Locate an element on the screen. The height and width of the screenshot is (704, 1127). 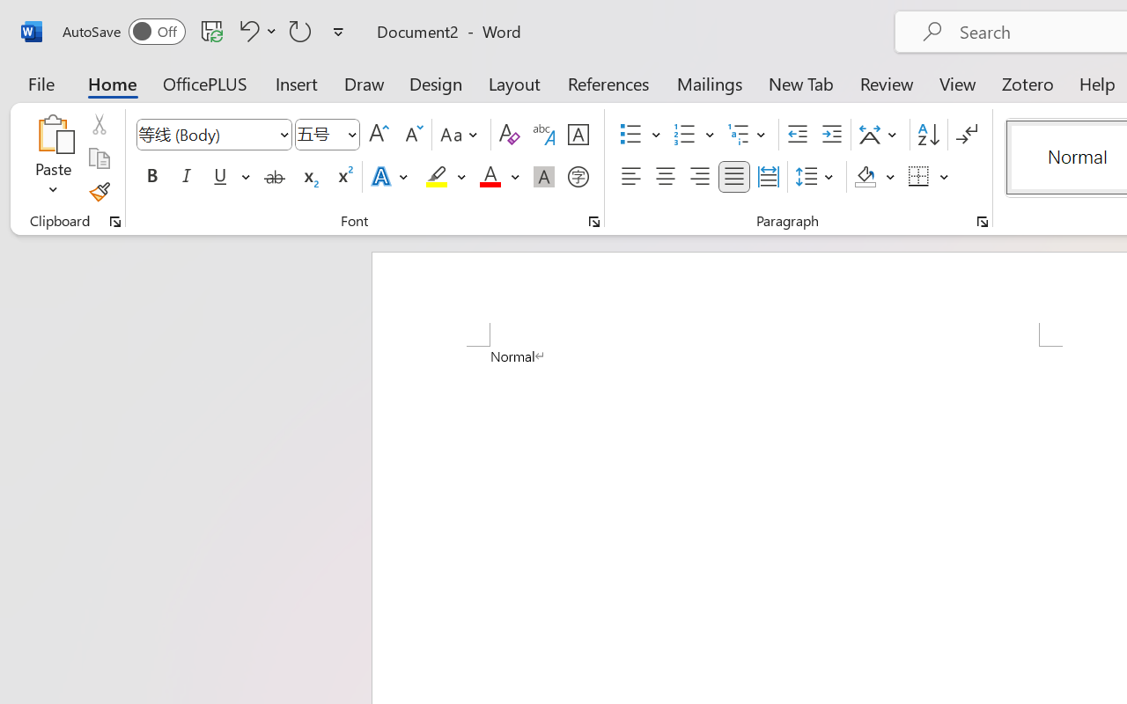
'Underline' is located at coordinates (229, 177).